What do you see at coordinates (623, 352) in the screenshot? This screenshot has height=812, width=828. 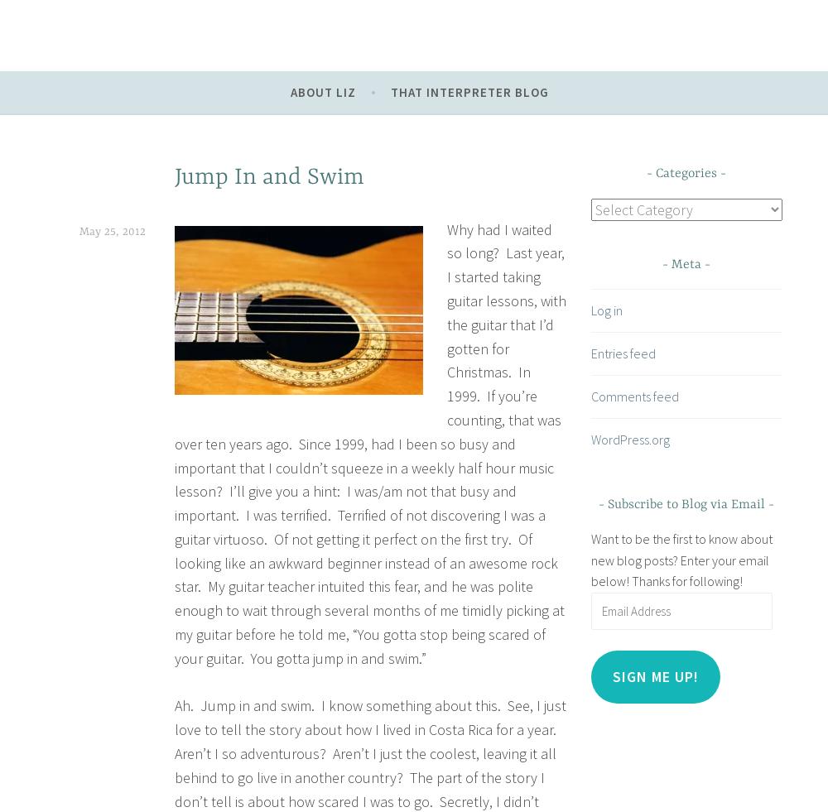 I see `'Entries feed'` at bounding box center [623, 352].